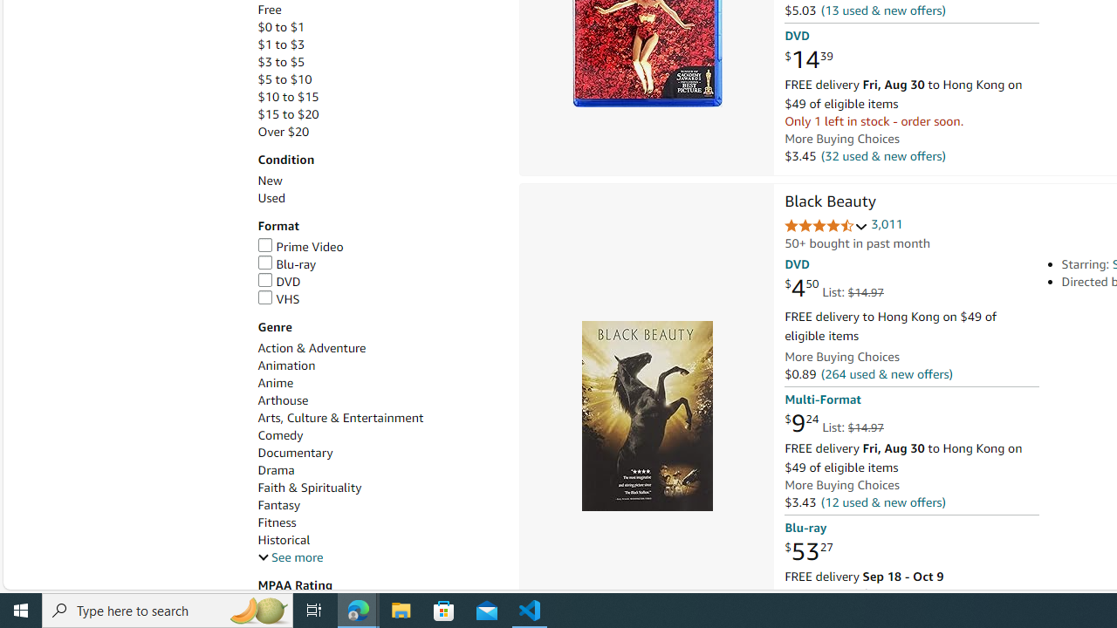 This screenshot has height=628, width=1117. What do you see at coordinates (288, 114) in the screenshot?
I see `'$15 to $20'` at bounding box center [288, 114].